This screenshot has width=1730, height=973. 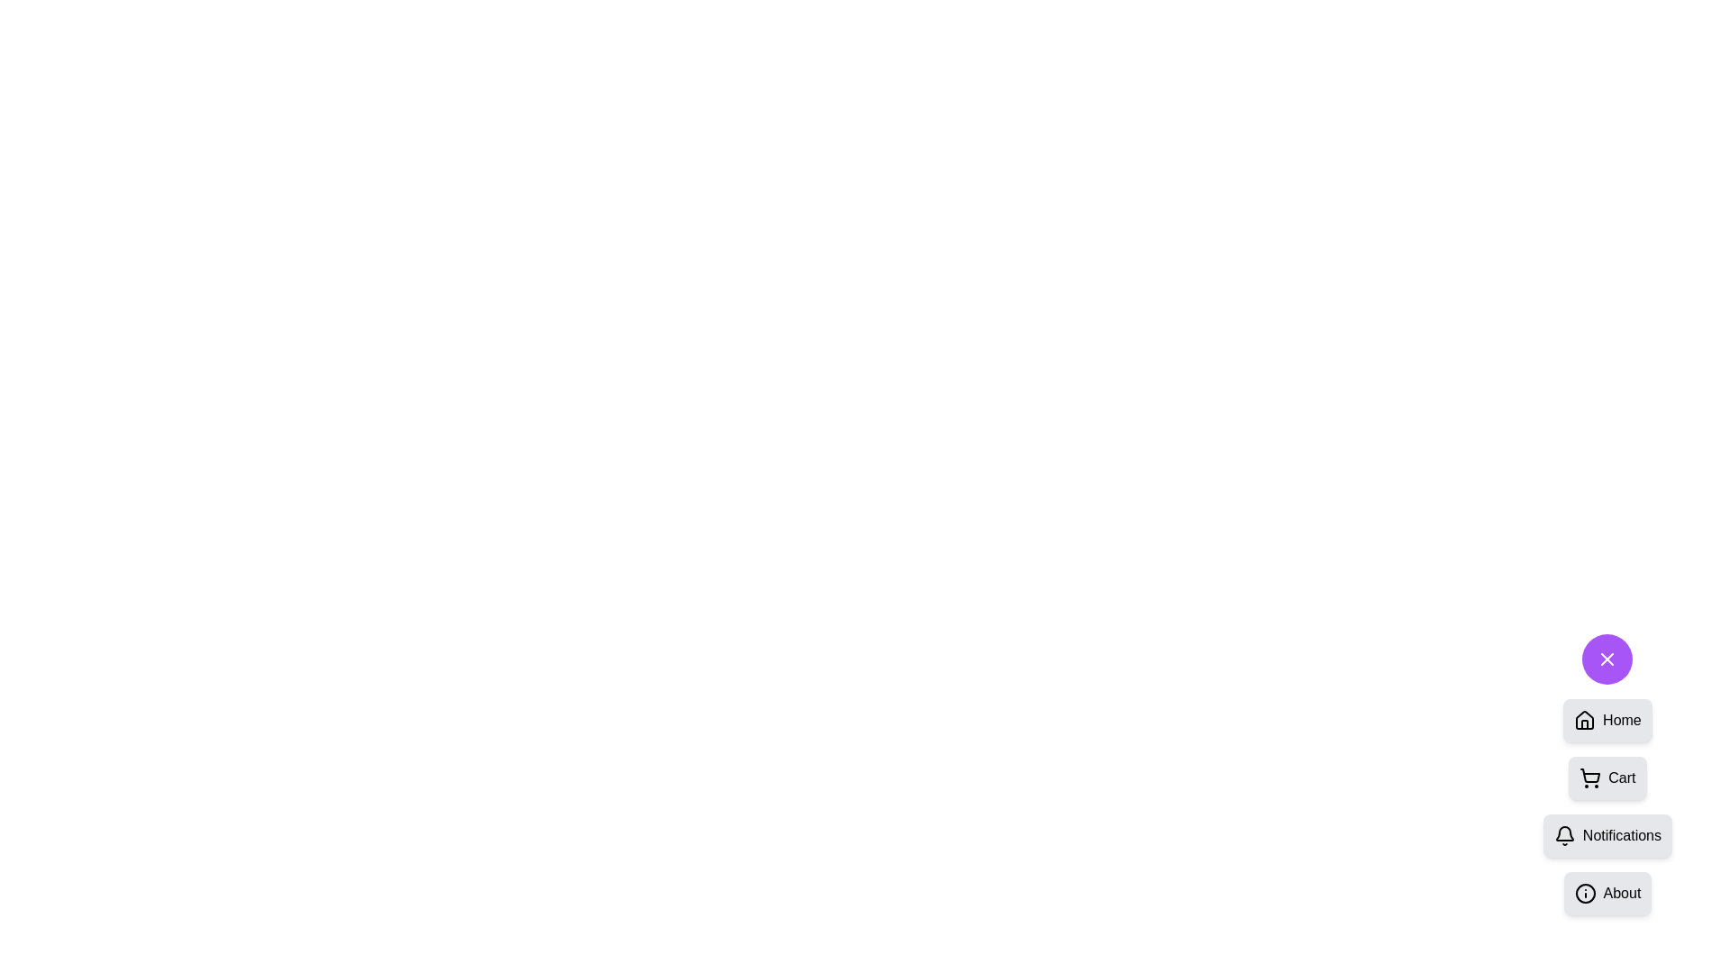 What do you see at coordinates (1607, 777) in the screenshot?
I see `the SpeedDial item labeled 'Cart' to observe its hover effect` at bounding box center [1607, 777].